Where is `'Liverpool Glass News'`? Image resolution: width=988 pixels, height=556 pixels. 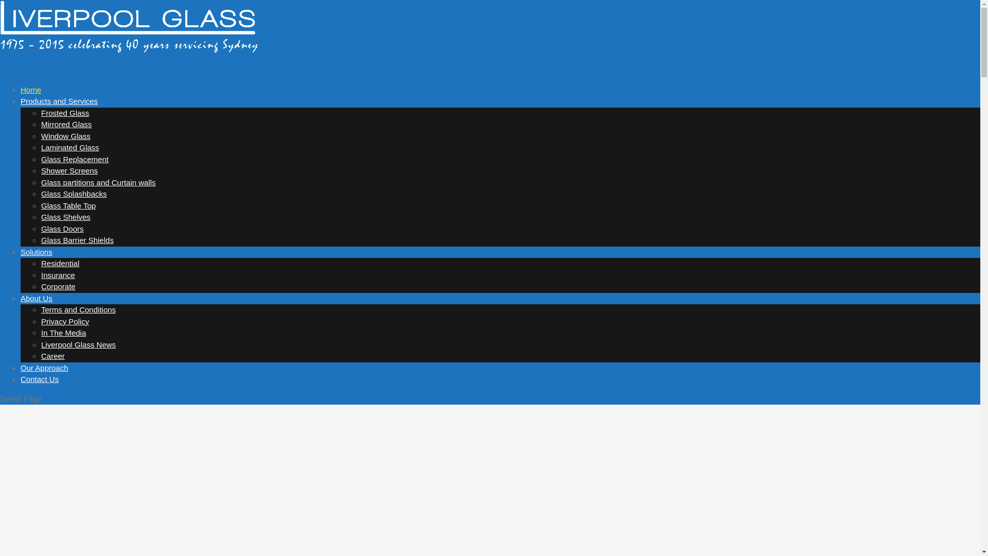
'Liverpool Glass News' is located at coordinates (41, 344).